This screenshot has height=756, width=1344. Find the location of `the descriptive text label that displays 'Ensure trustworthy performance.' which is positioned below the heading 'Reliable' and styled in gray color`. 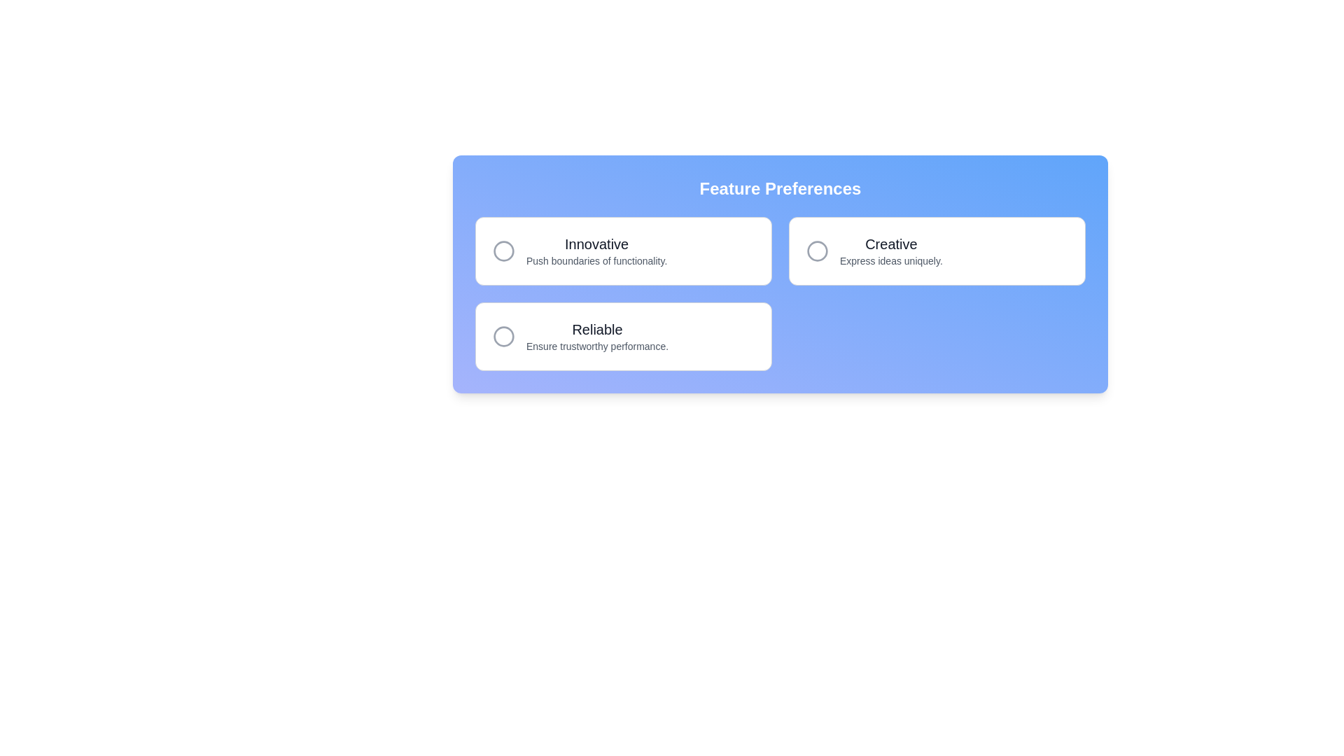

the descriptive text label that displays 'Ensure trustworthy performance.' which is positioned below the heading 'Reliable' and styled in gray color is located at coordinates (597, 346).